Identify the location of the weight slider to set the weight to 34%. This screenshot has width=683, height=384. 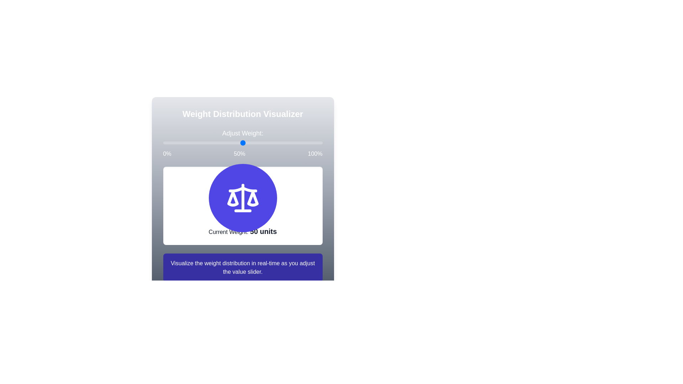
(163, 143).